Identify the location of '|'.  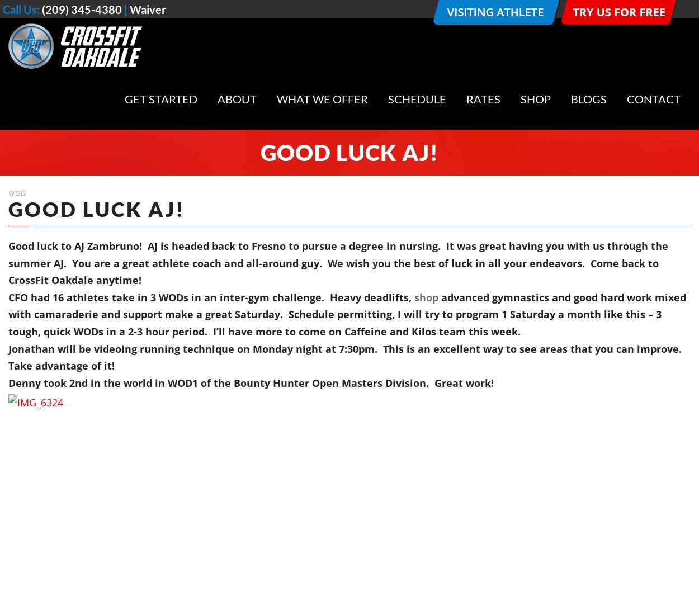
(124, 8).